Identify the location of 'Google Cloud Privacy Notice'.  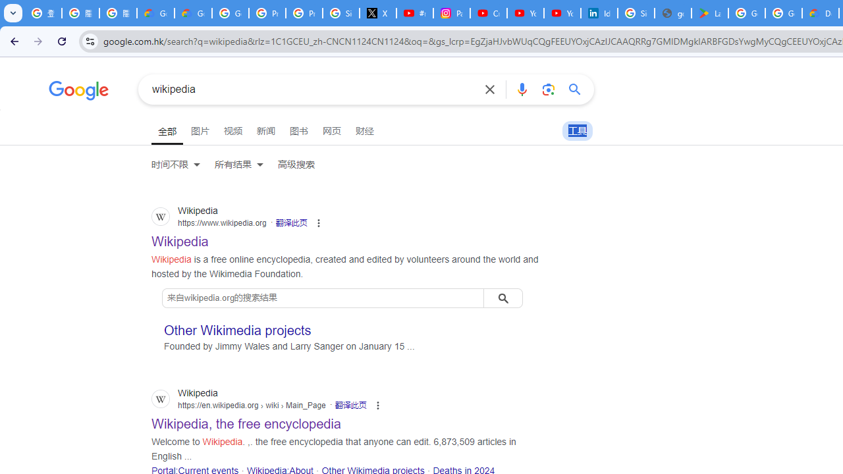
(192, 13).